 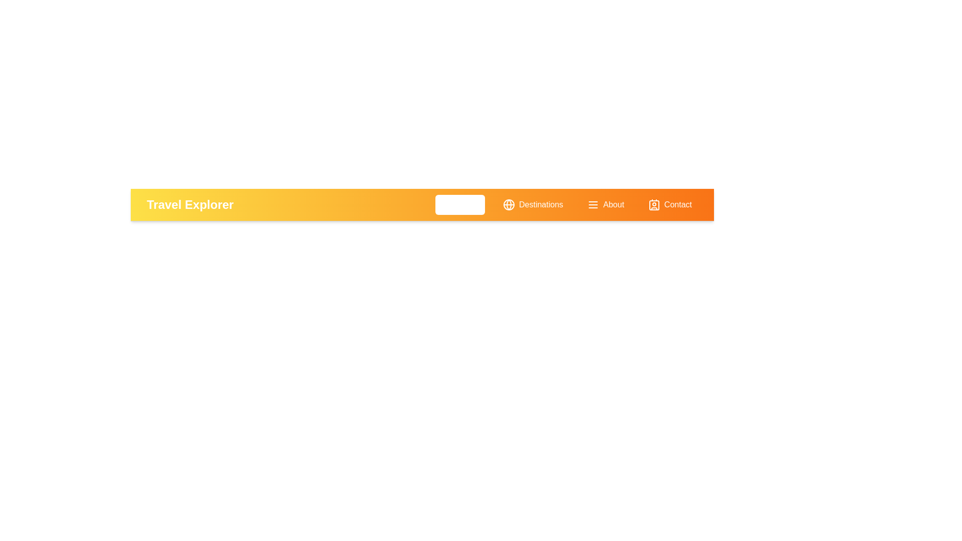 What do you see at coordinates (509, 204) in the screenshot?
I see `the SVG circle element representing a globe icon, located in the menu bar between a text label and other menu items` at bounding box center [509, 204].